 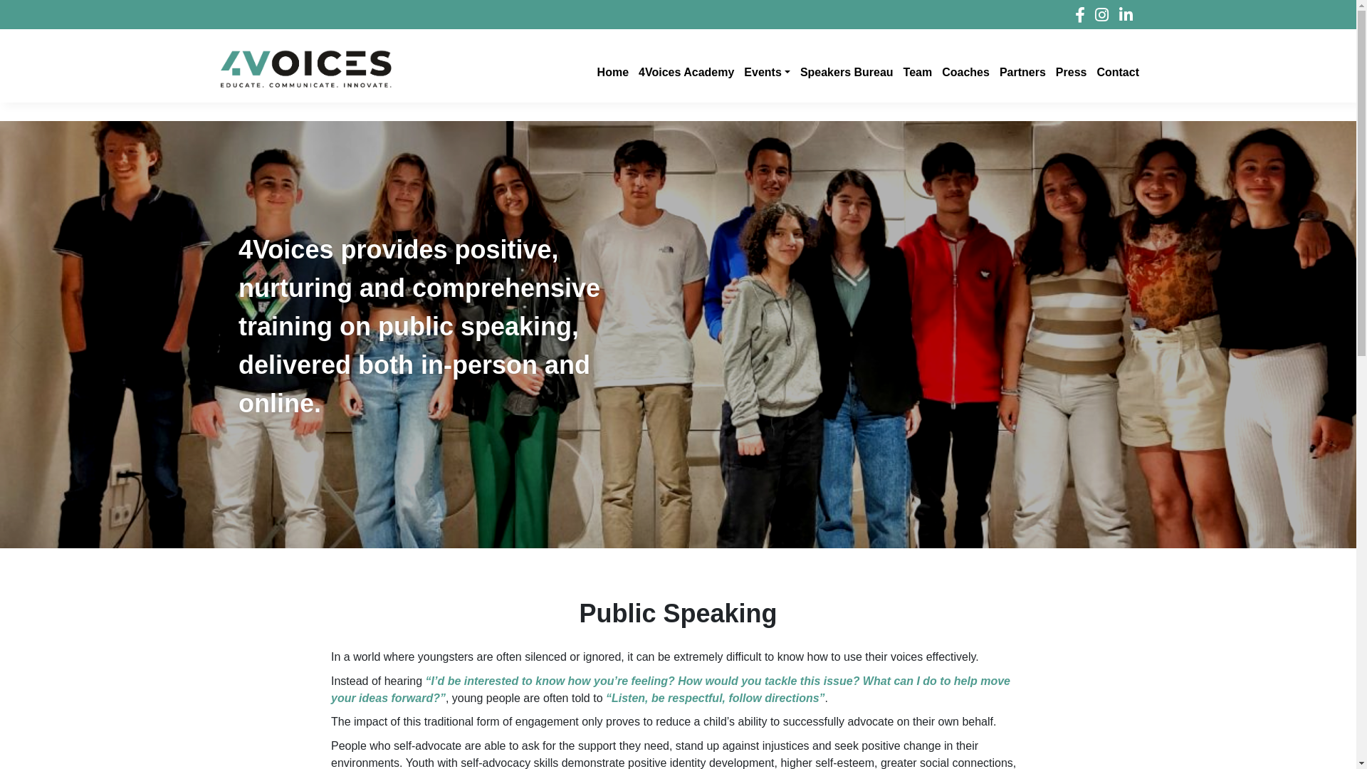 What do you see at coordinates (1116, 69) in the screenshot?
I see `'Contact'` at bounding box center [1116, 69].